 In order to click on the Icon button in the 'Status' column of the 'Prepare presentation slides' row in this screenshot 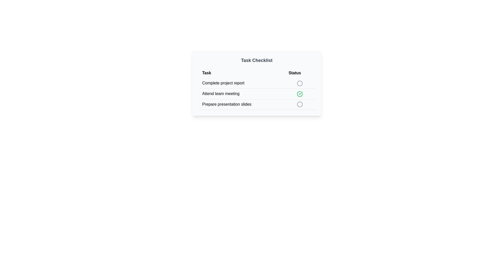, I will do `click(300, 104)`.